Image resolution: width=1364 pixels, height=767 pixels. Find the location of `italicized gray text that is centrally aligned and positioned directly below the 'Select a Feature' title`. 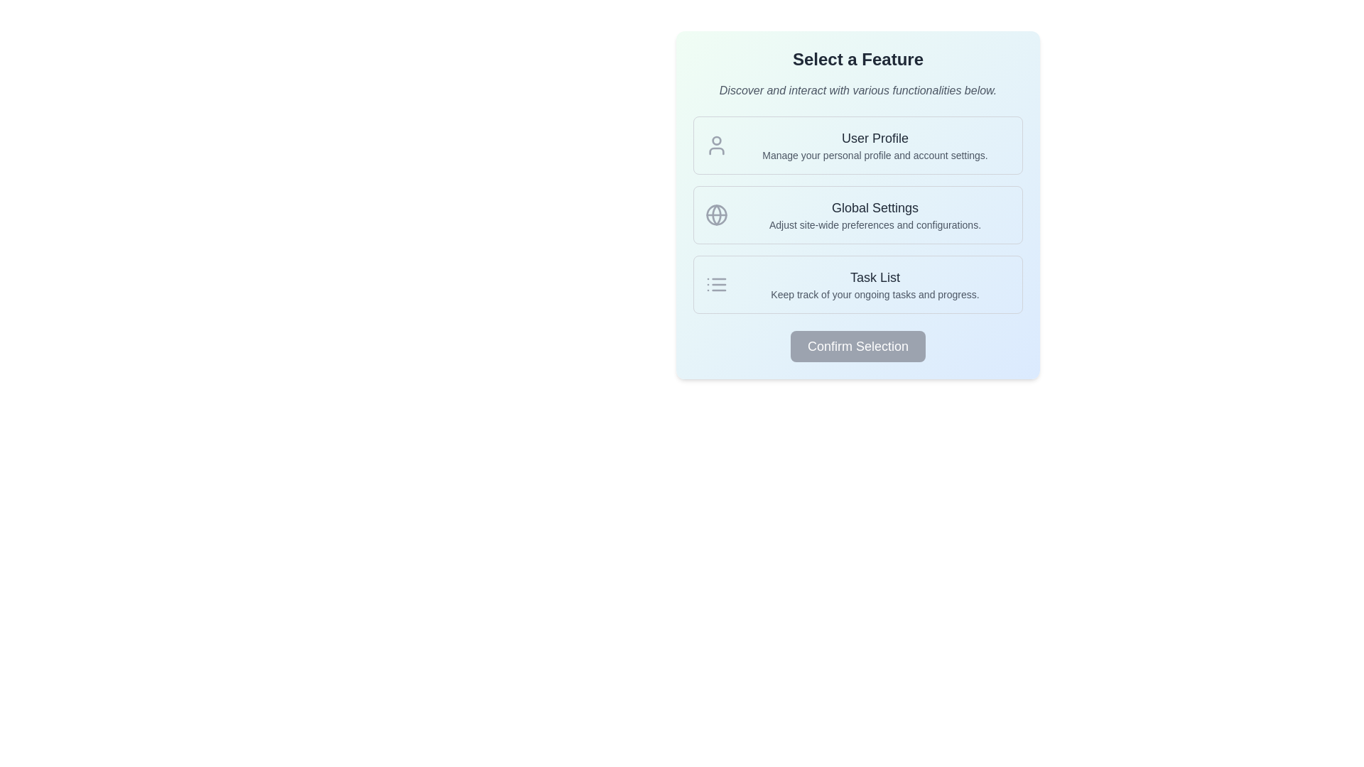

italicized gray text that is centrally aligned and positioned directly below the 'Select a Feature' title is located at coordinates (857, 90).